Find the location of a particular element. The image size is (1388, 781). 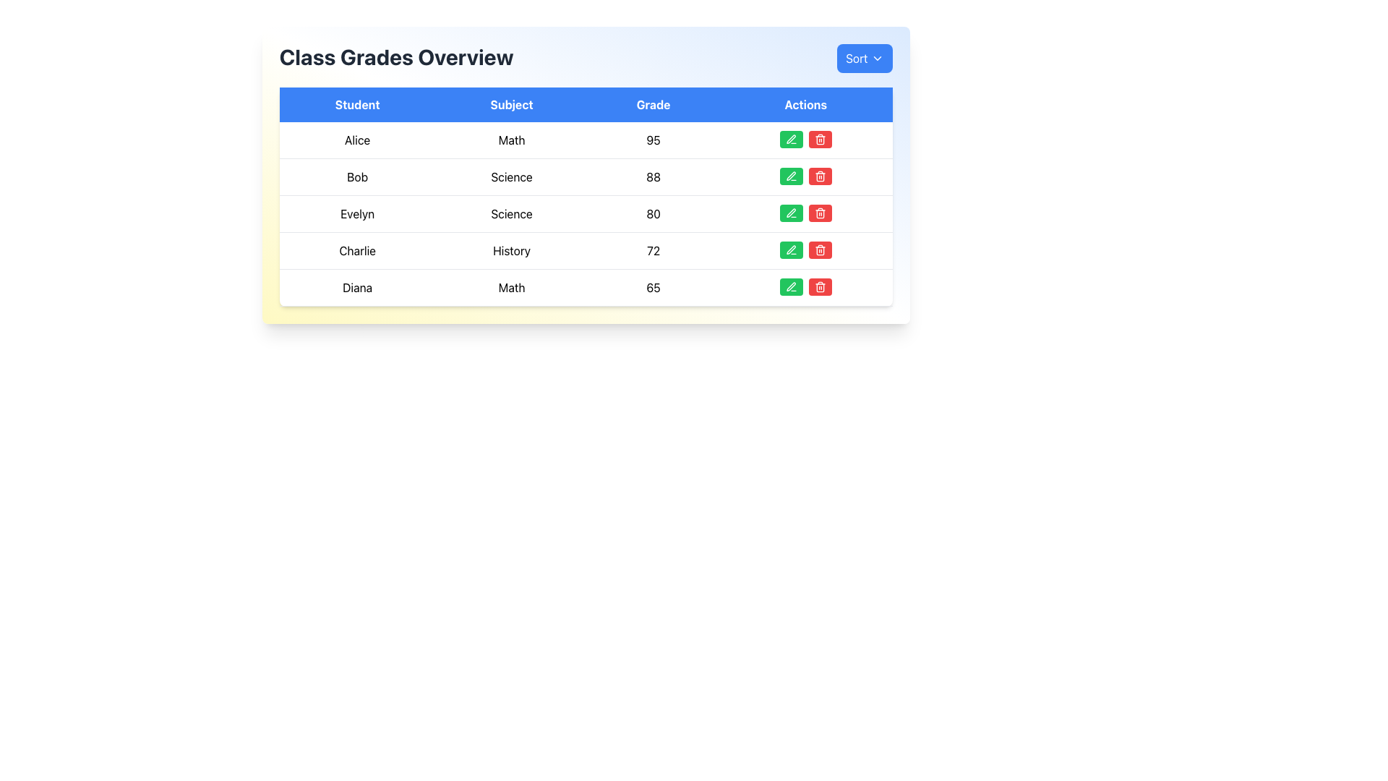

the red button with a white trash bin icon in the Actions column of the second row for 'Bob' in the subject 'Science' is located at coordinates (820, 175).